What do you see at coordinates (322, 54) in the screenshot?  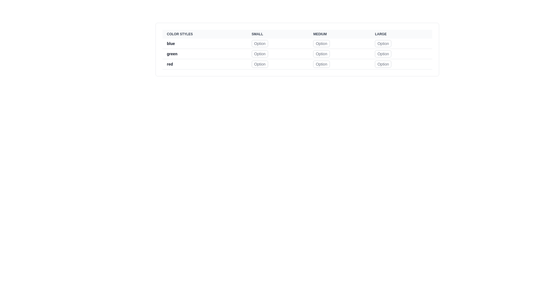 I see `the button labeled 'Option'` at bounding box center [322, 54].